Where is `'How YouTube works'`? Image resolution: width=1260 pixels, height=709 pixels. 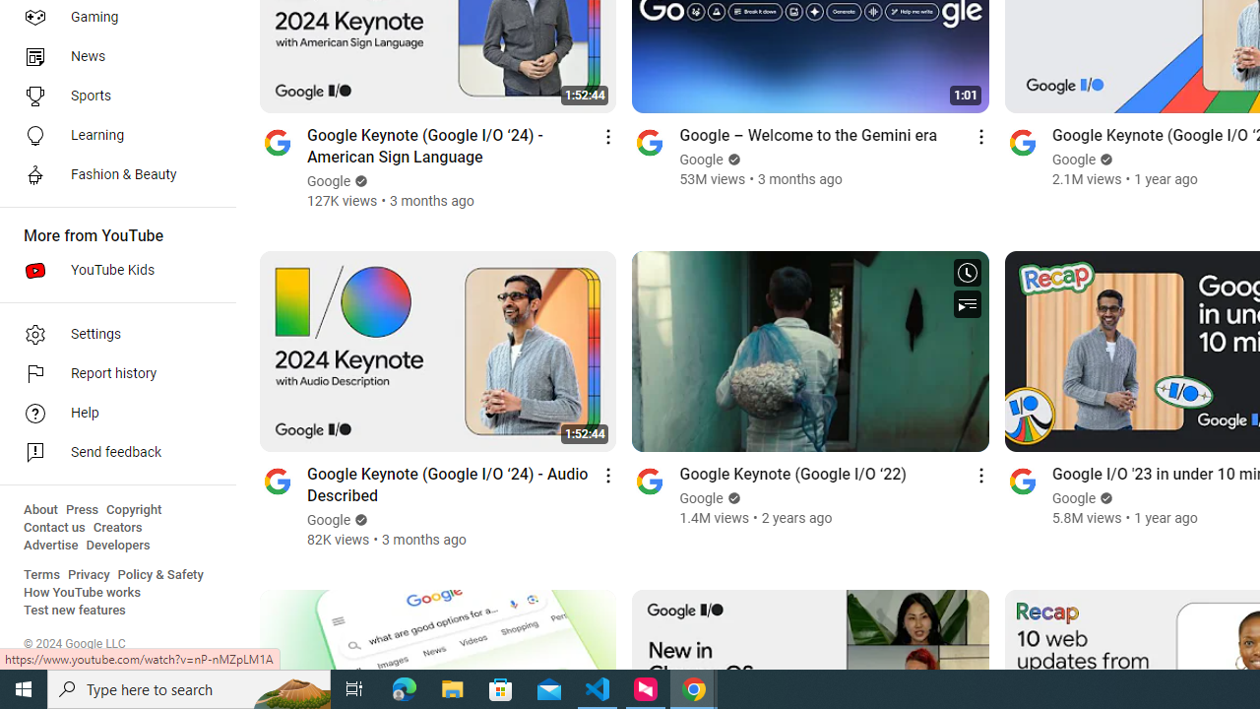 'How YouTube works' is located at coordinates (81, 592).